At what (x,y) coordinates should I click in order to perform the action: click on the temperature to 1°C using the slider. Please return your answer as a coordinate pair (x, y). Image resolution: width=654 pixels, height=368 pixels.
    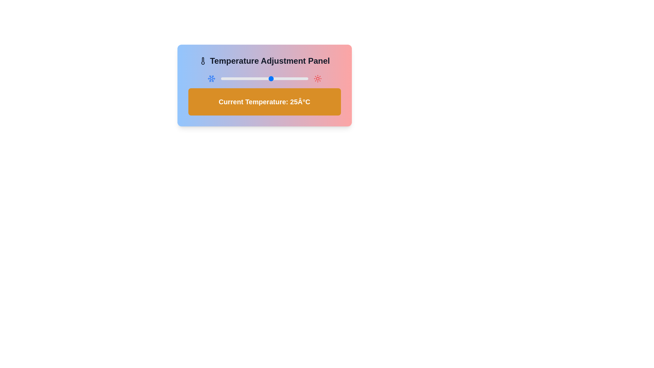
    Looking at the image, I should click on (237, 78).